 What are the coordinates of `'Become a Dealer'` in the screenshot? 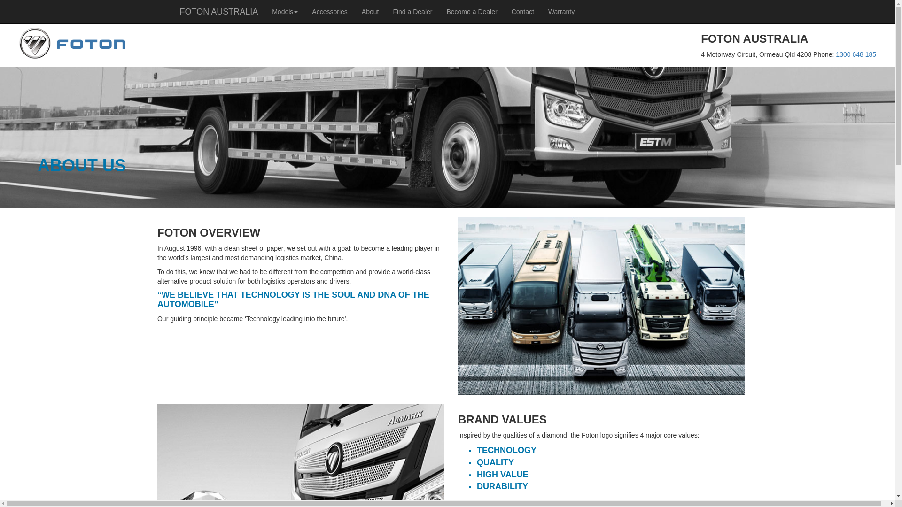 It's located at (439, 11).